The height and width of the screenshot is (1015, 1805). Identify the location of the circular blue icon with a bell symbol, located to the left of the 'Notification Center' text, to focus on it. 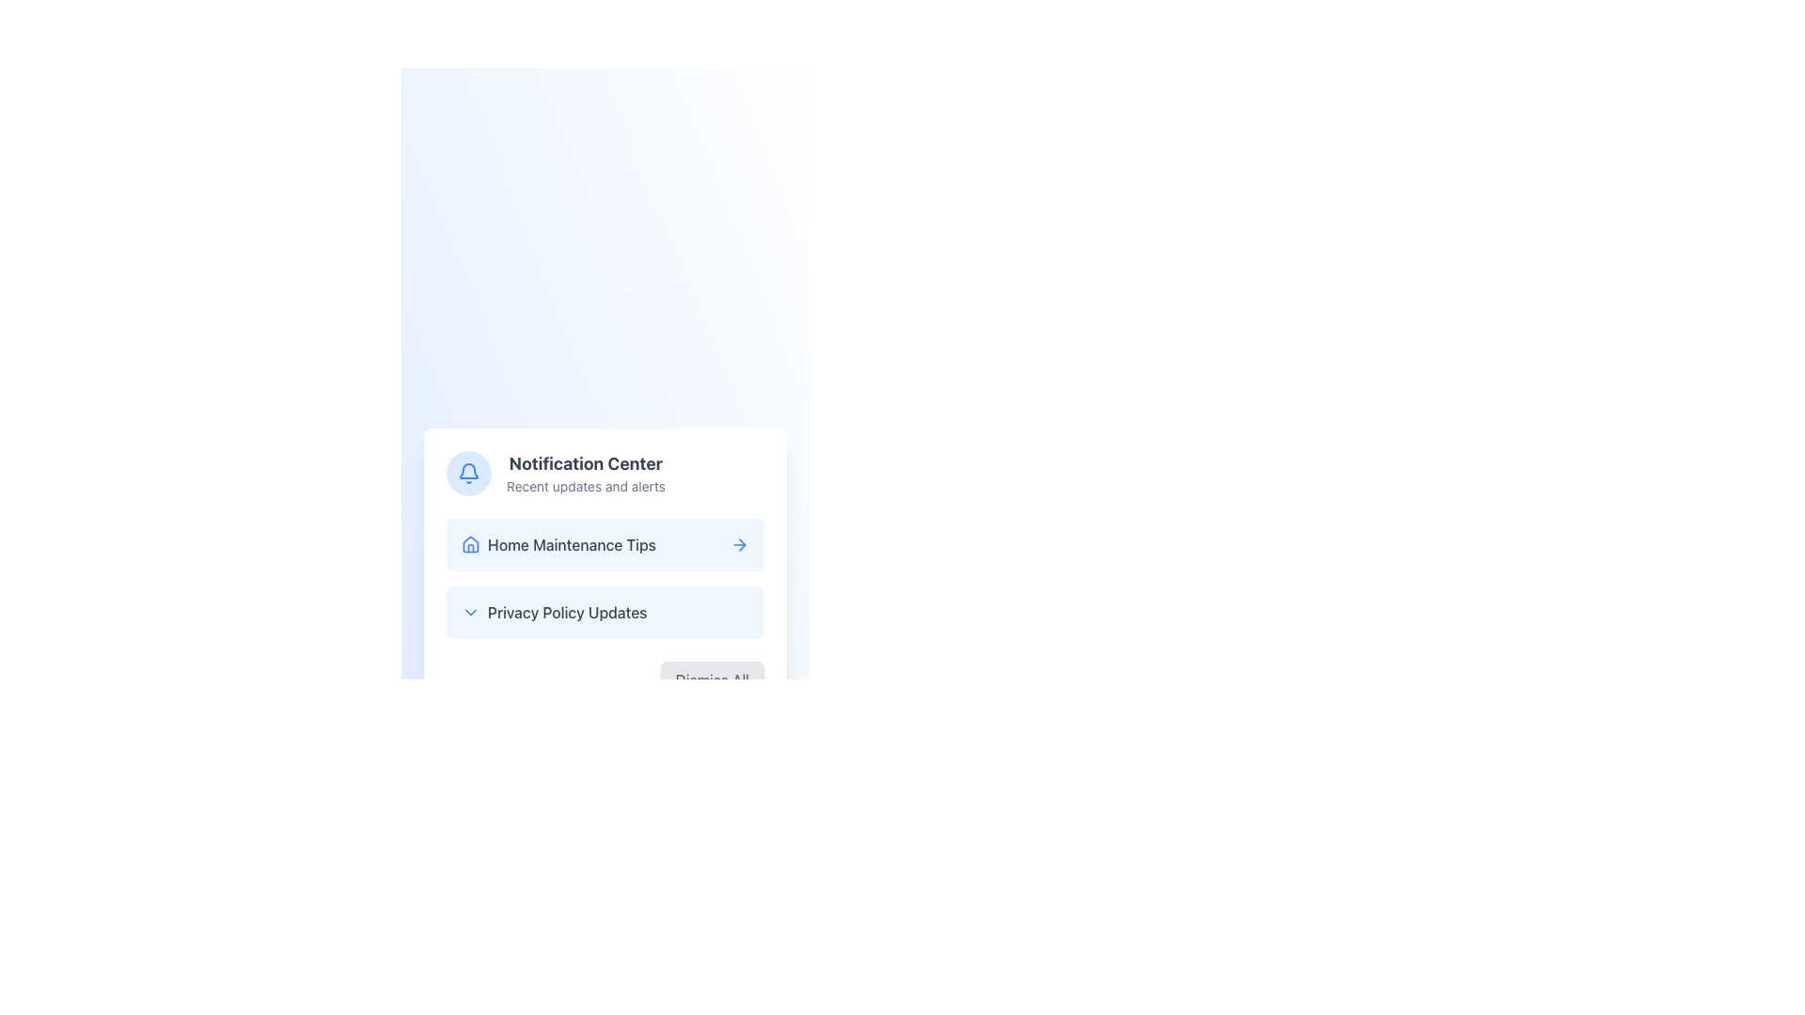
(469, 473).